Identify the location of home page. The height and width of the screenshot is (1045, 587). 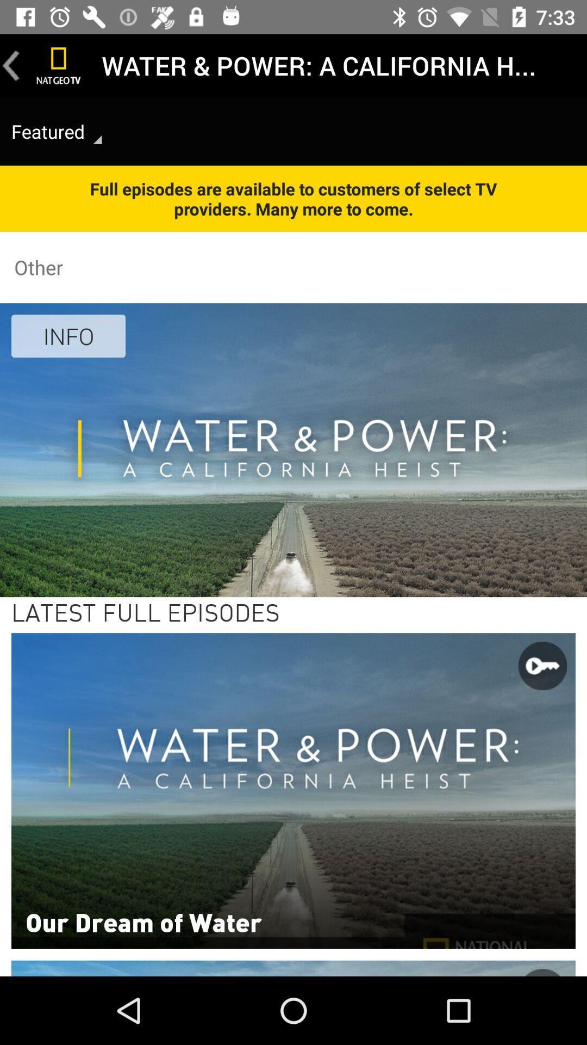
(59, 65).